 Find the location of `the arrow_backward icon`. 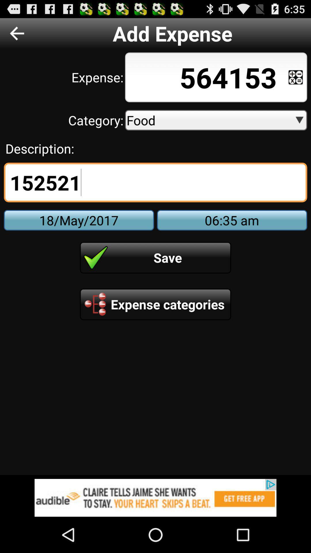

the arrow_backward icon is located at coordinates (17, 35).